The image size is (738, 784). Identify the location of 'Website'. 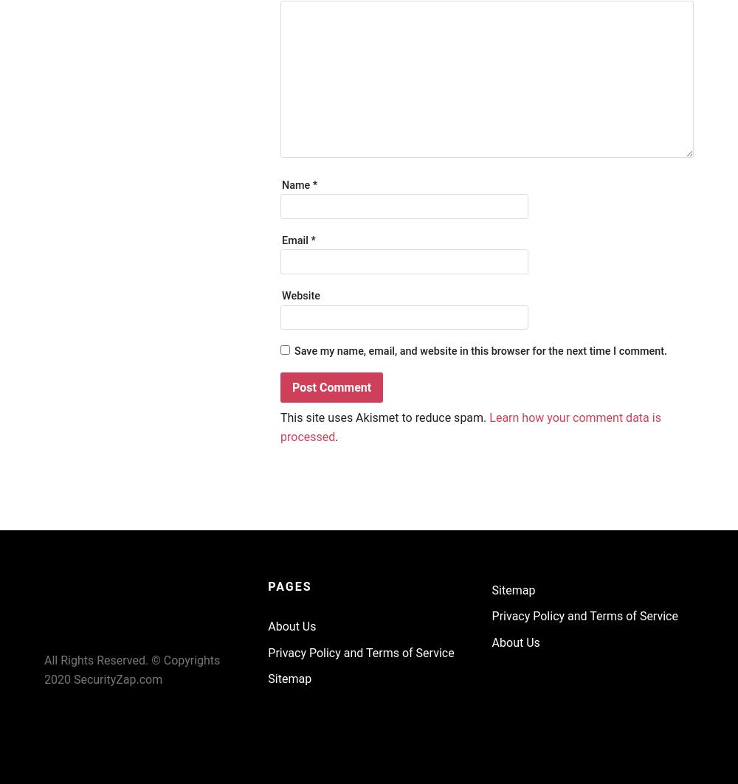
(300, 296).